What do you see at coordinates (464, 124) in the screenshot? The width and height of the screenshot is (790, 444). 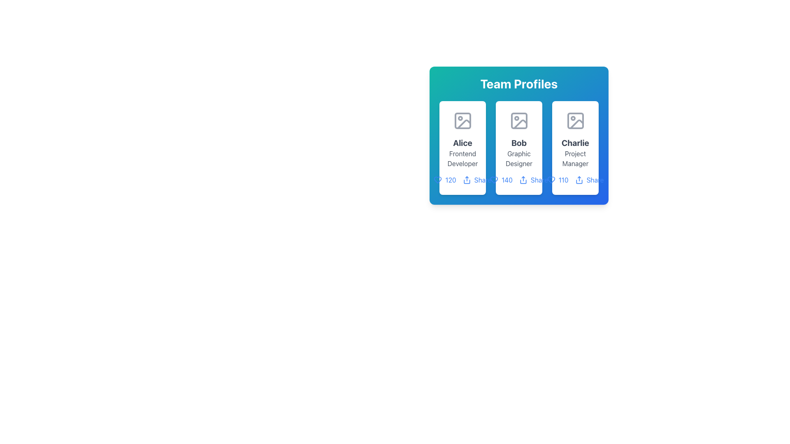 I see `the curved line stylized icon in the leftmost card of Alice's team profile section, located under her name` at bounding box center [464, 124].